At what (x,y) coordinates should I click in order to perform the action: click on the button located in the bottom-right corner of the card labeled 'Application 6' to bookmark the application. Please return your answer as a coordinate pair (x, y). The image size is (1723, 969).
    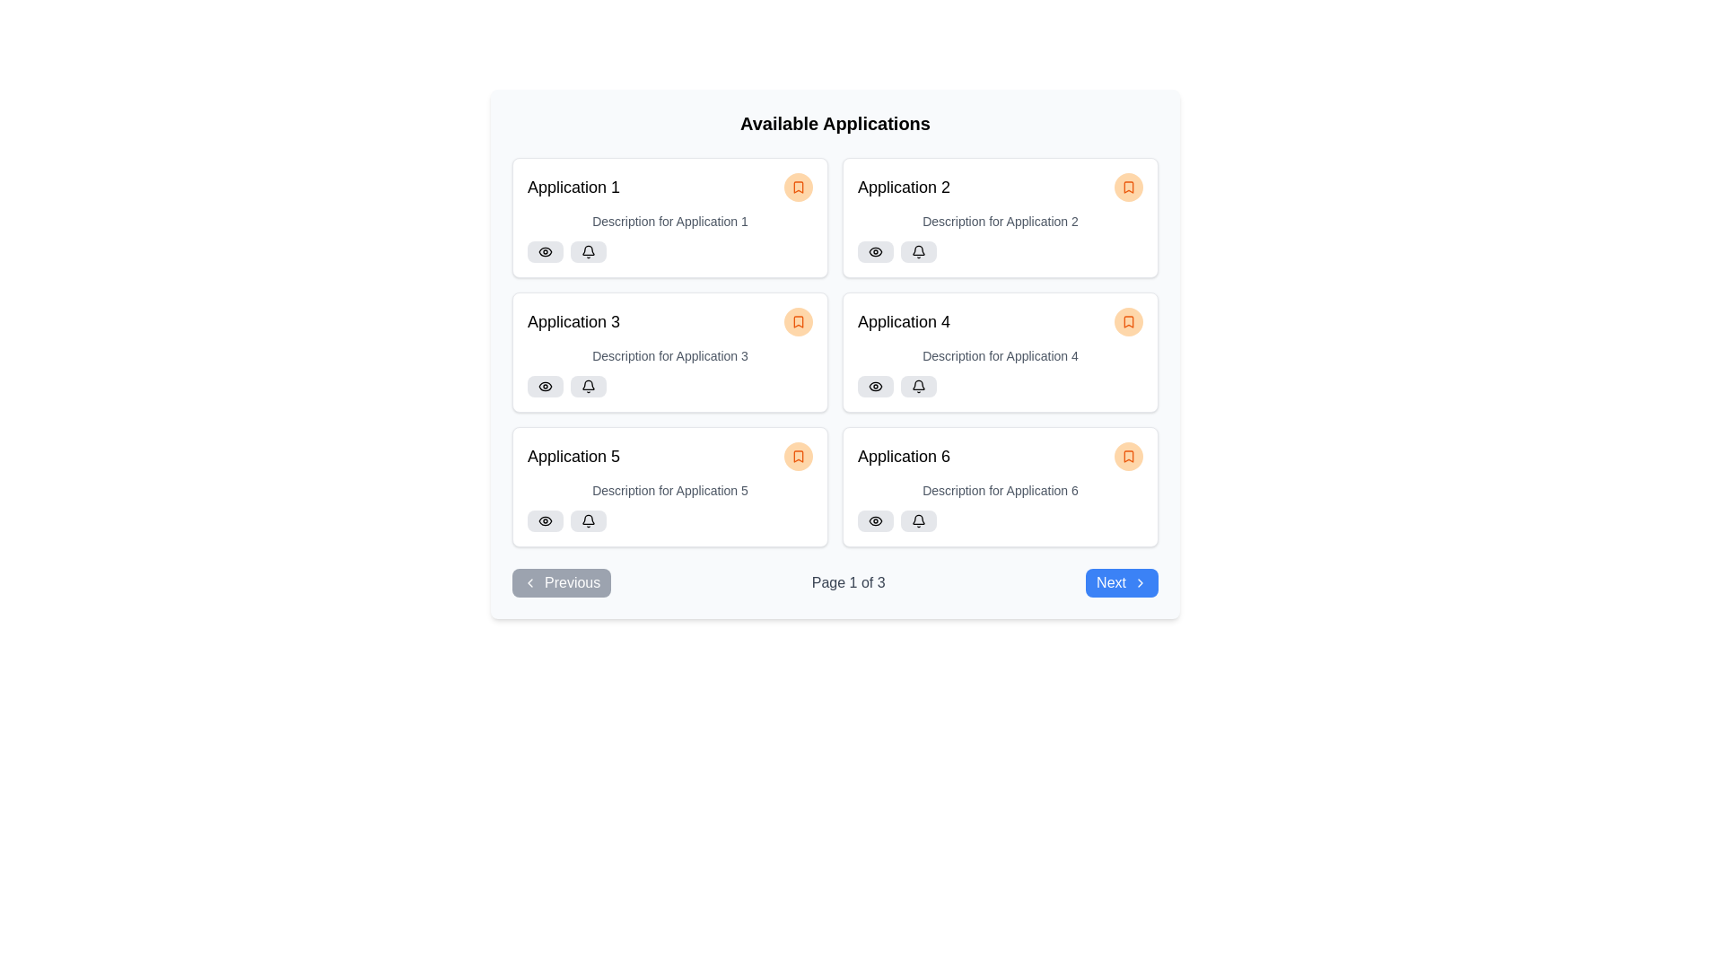
    Looking at the image, I should click on (1127, 456).